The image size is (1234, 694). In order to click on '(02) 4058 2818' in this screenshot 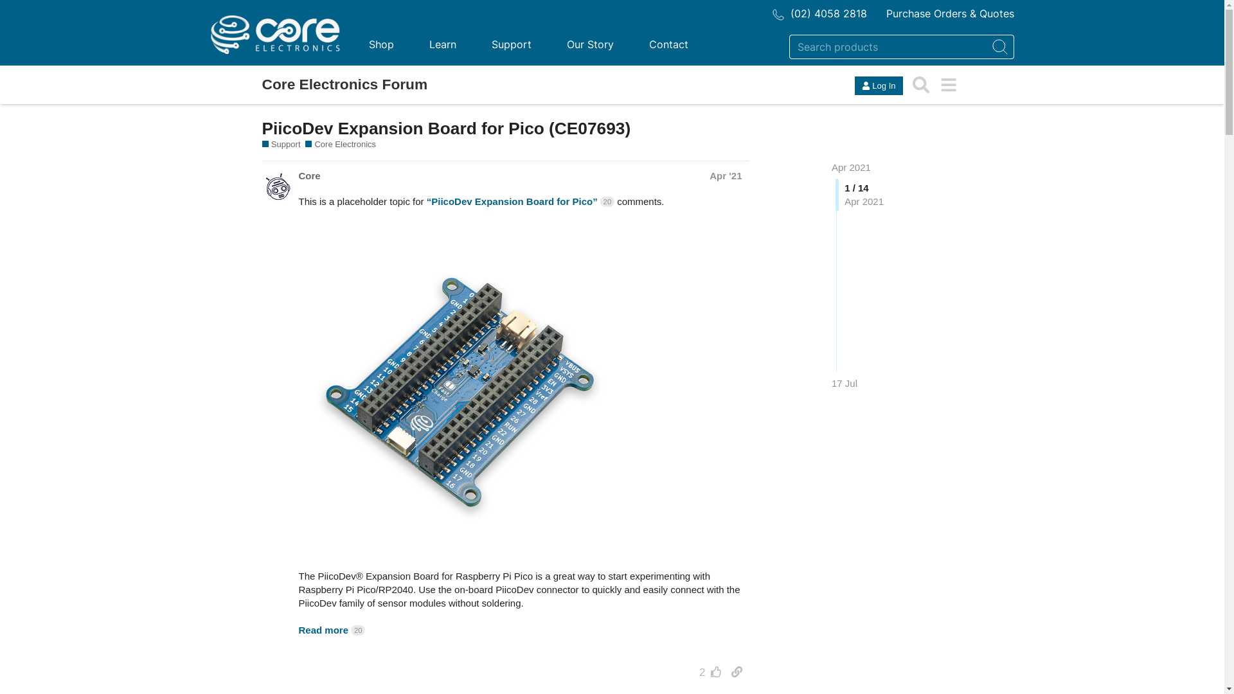, I will do `click(819, 13)`.